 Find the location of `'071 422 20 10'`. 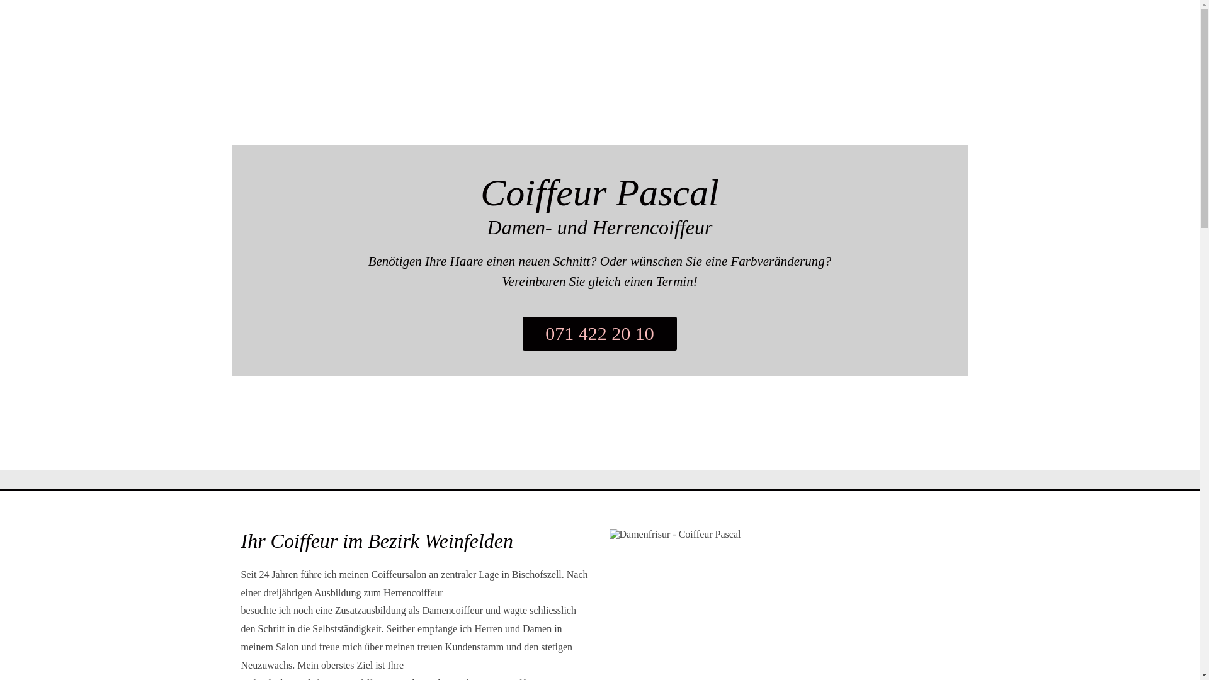

'071 422 20 10' is located at coordinates (599, 332).